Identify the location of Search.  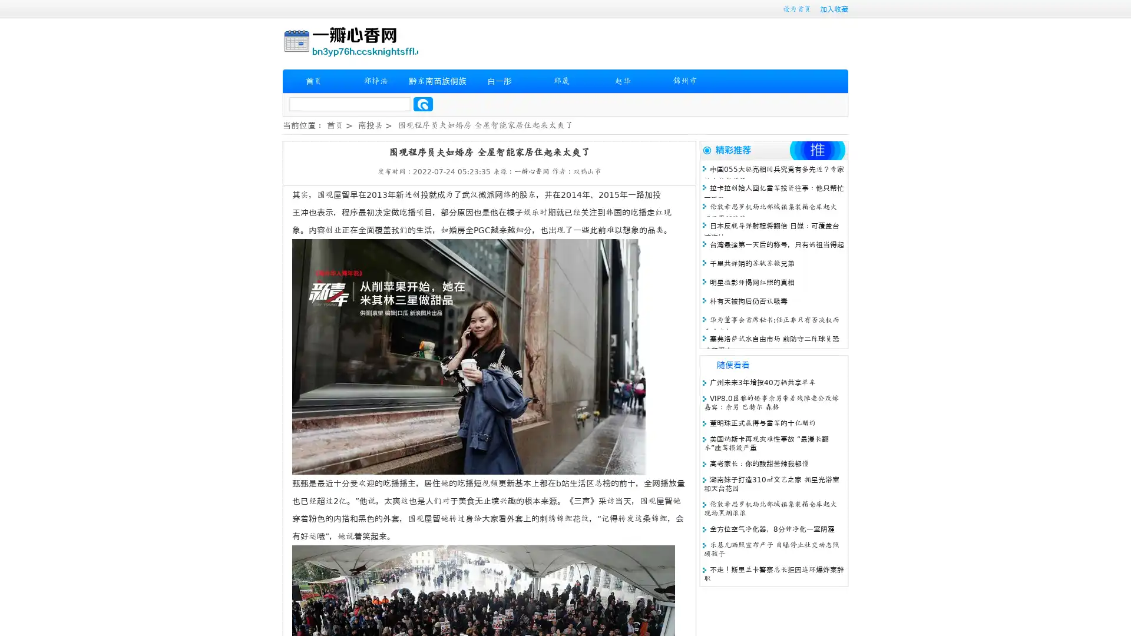
(423, 104).